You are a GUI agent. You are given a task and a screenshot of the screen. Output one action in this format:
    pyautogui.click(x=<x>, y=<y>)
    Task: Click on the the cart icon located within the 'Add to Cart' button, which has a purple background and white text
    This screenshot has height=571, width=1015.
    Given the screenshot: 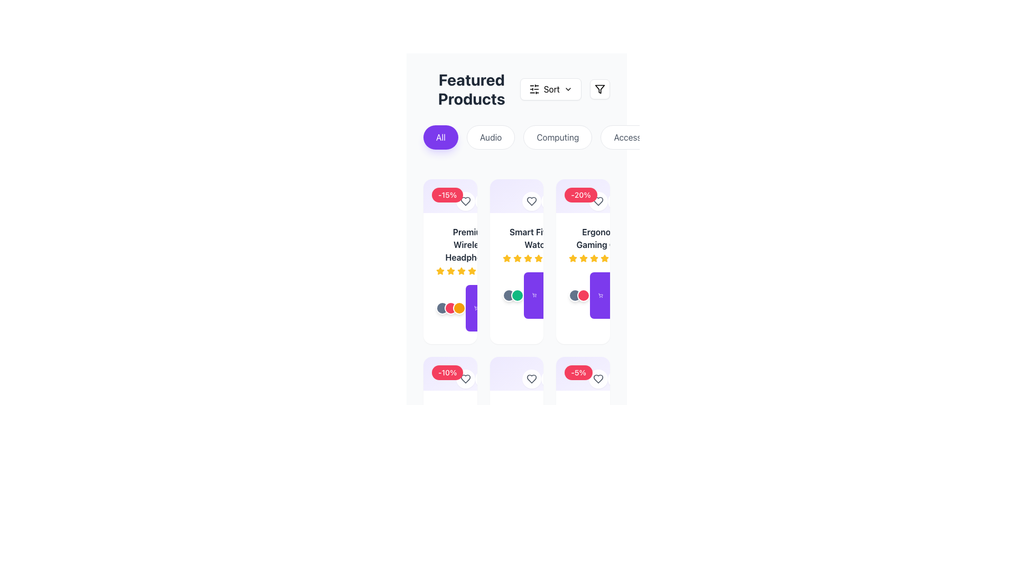 What is the action you would take?
    pyautogui.click(x=476, y=308)
    